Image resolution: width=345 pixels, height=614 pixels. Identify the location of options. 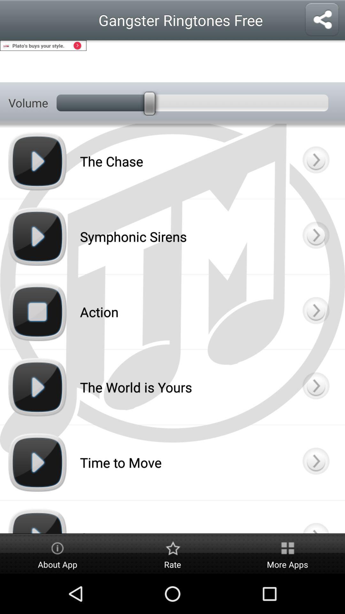
(315, 161).